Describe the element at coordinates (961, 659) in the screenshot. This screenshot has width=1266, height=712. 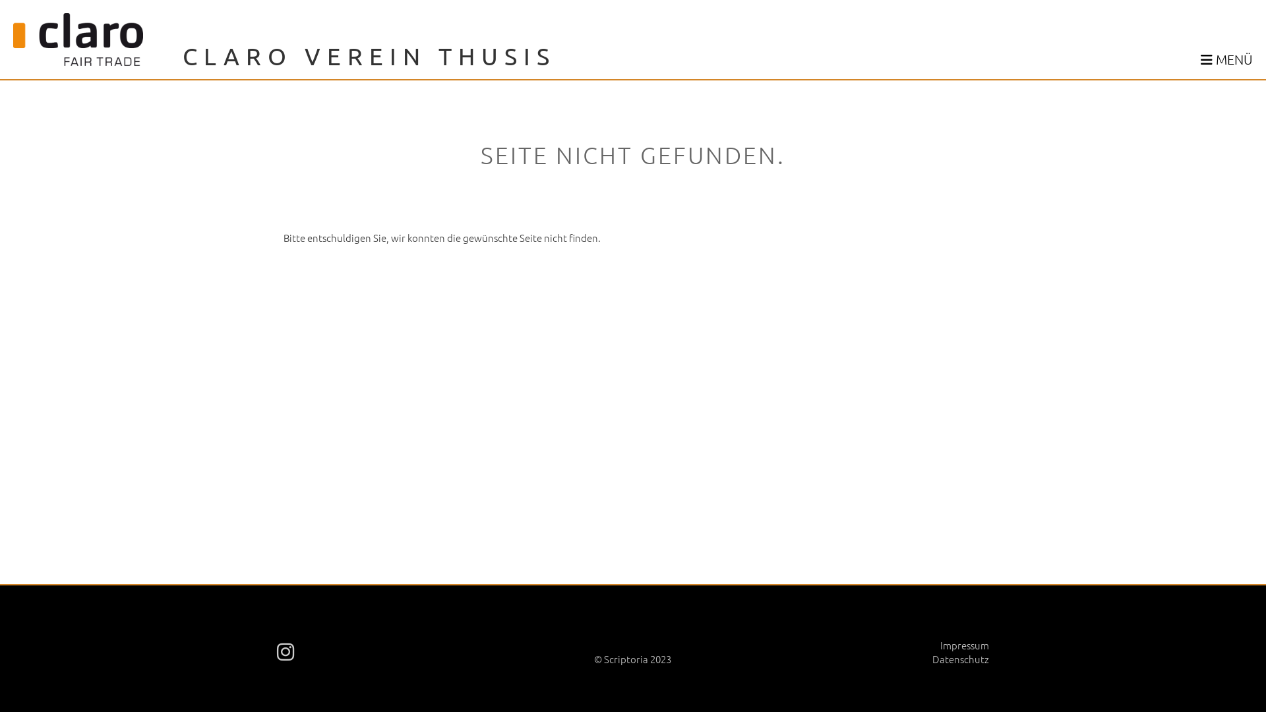
I see `'Datenschutz'` at that location.